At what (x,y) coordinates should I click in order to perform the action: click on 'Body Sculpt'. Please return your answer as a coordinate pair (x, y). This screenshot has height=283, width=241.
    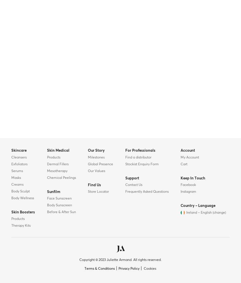
    Looking at the image, I should click on (20, 191).